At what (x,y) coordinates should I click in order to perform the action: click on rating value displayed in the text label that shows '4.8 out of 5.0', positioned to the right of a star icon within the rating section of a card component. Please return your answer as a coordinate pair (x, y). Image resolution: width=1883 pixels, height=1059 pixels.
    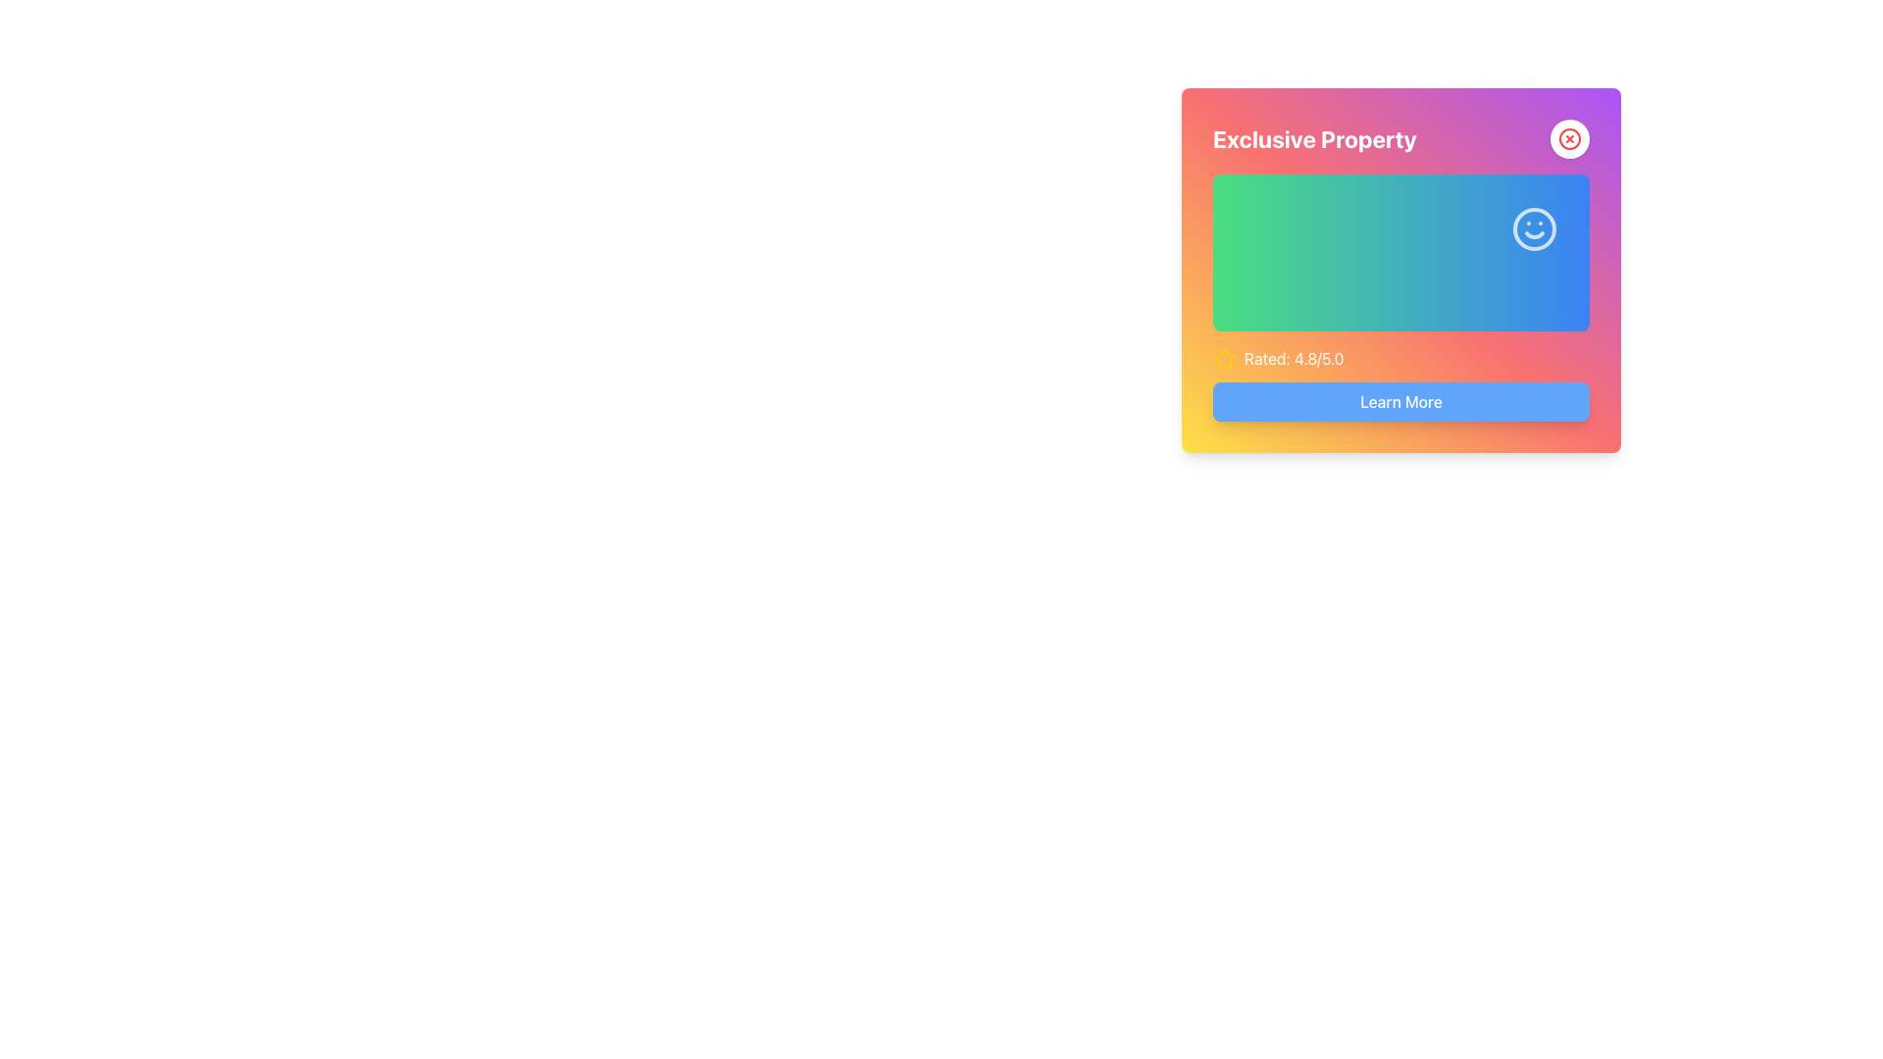
    Looking at the image, I should click on (1294, 359).